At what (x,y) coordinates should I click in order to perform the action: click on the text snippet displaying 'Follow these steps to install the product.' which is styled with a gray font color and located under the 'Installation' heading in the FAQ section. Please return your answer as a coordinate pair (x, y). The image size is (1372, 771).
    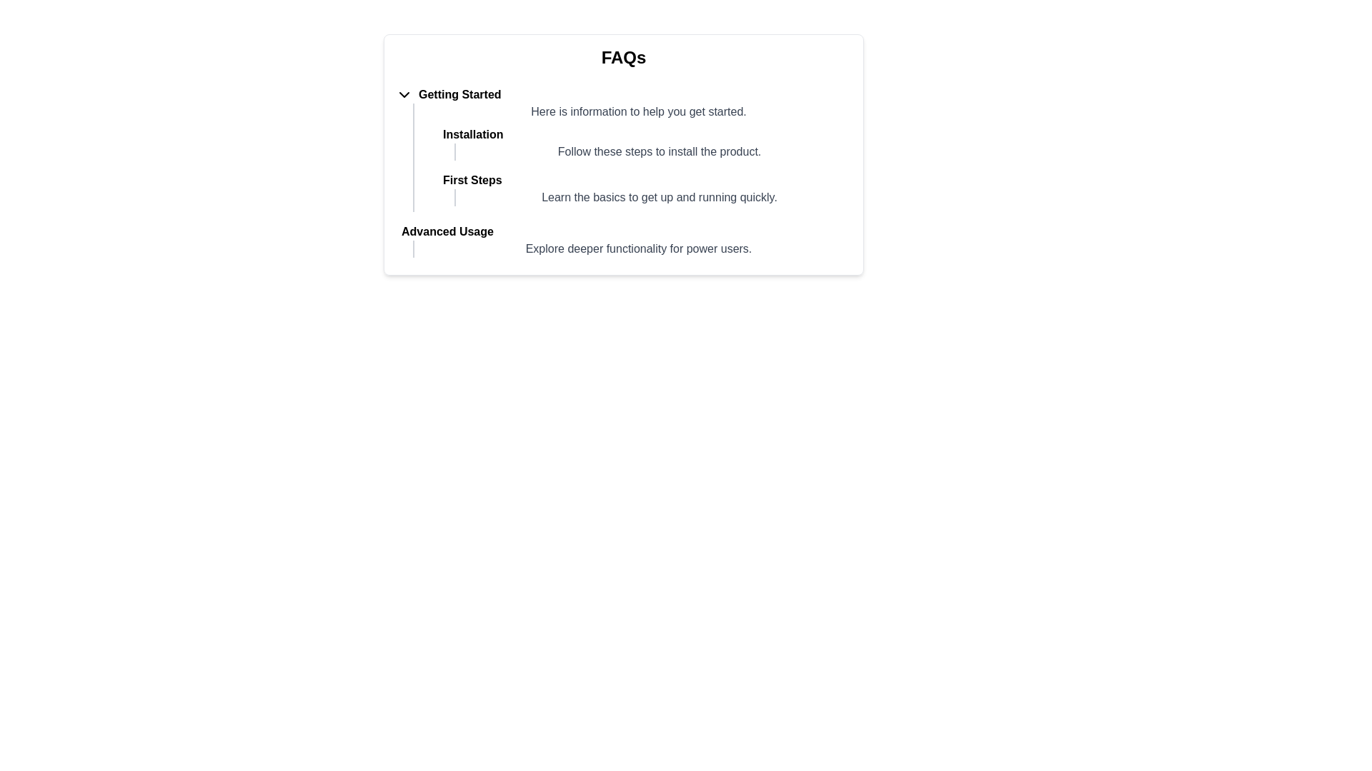
    Looking at the image, I should click on (658, 151).